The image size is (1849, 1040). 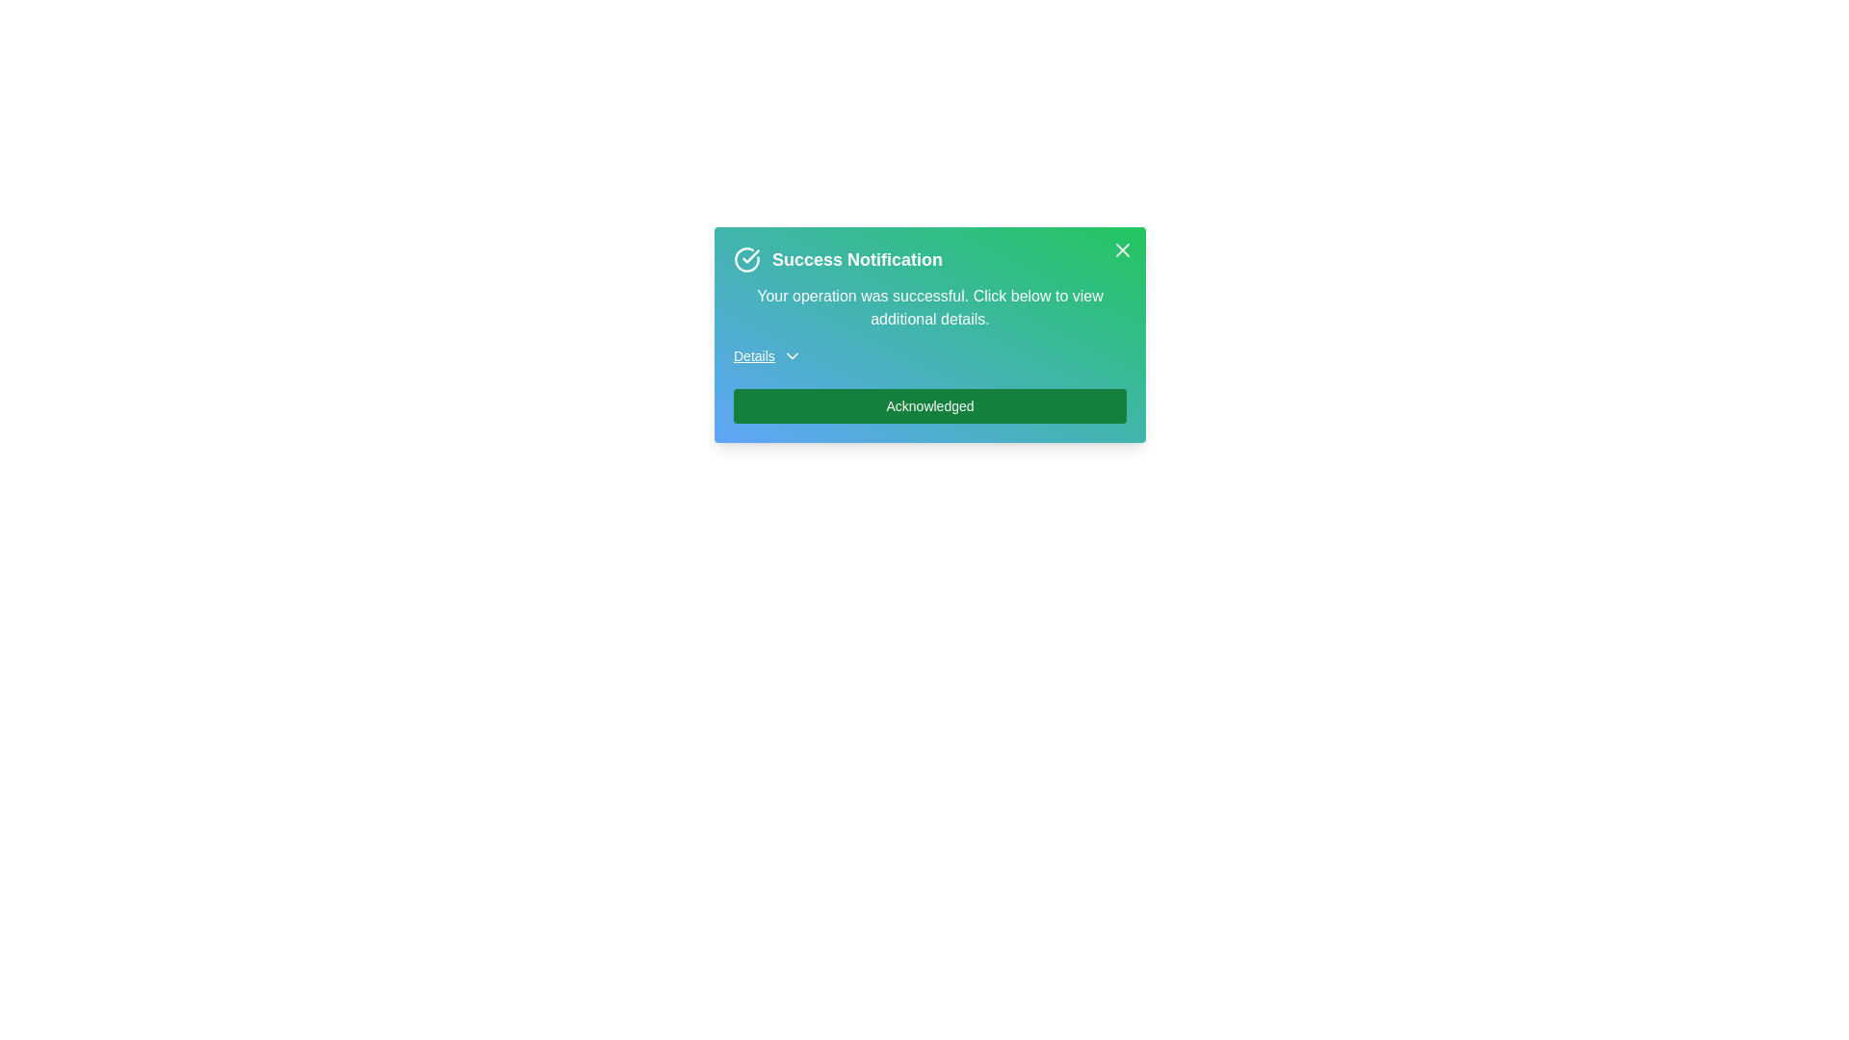 What do you see at coordinates (929, 404) in the screenshot?
I see `the 'Acknowledged' button to acknowledge the alert` at bounding box center [929, 404].